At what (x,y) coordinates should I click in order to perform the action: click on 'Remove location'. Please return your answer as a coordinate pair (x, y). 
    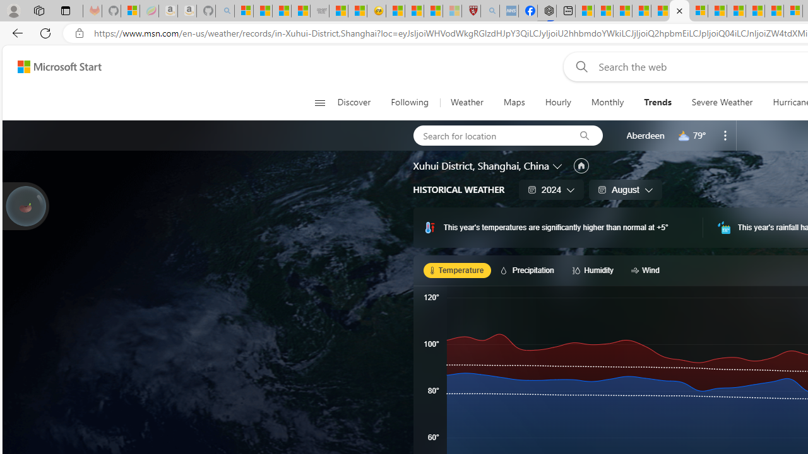
    Looking at the image, I should click on (725, 135).